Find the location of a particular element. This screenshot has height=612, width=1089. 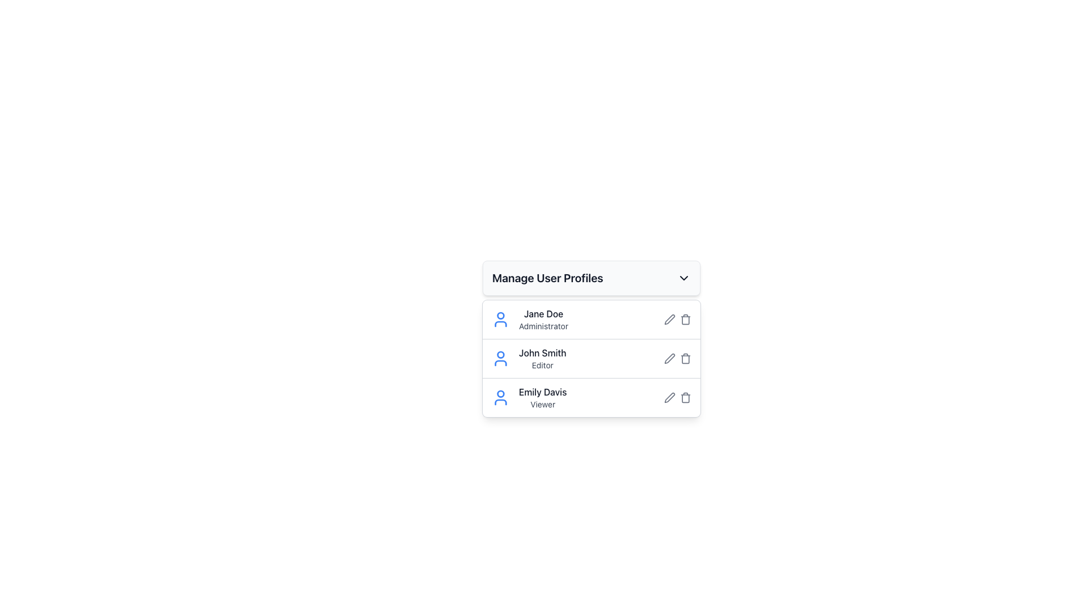

the text label displaying the username 'Jane Doe', which identifies the user as 'Administrator' in the 'Manage User Profiles' dropdown menu is located at coordinates (543, 314).